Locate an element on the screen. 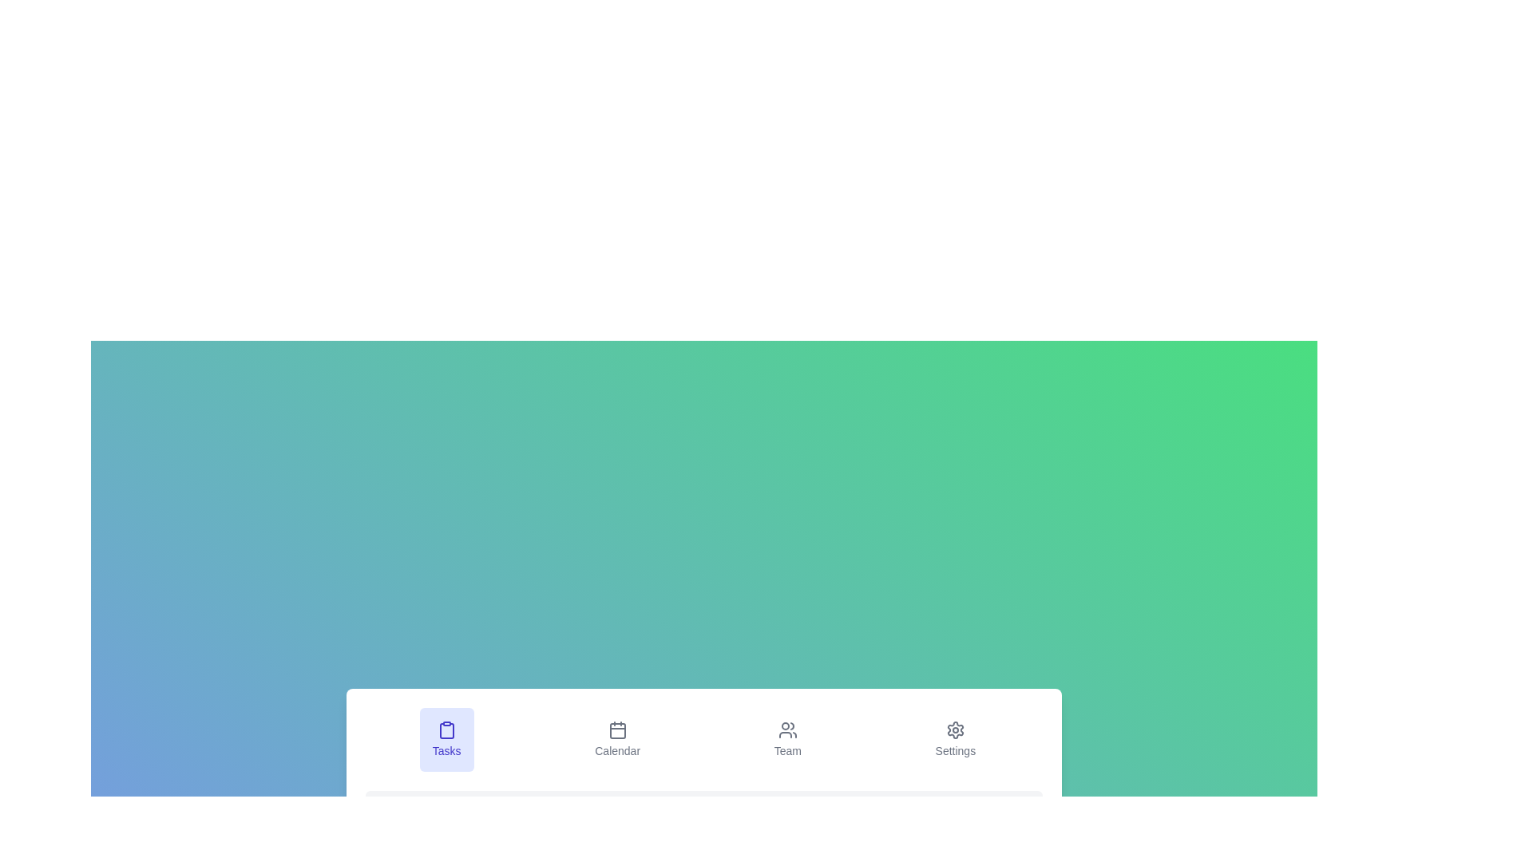 The height and width of the screenshot is (862, 1533). the 'Team' button, which features a gray icon of three users stacked vertically and is located in the bottom navigation bar between 'Calendar' and 'Settings' is located at coordinates (787, 739).